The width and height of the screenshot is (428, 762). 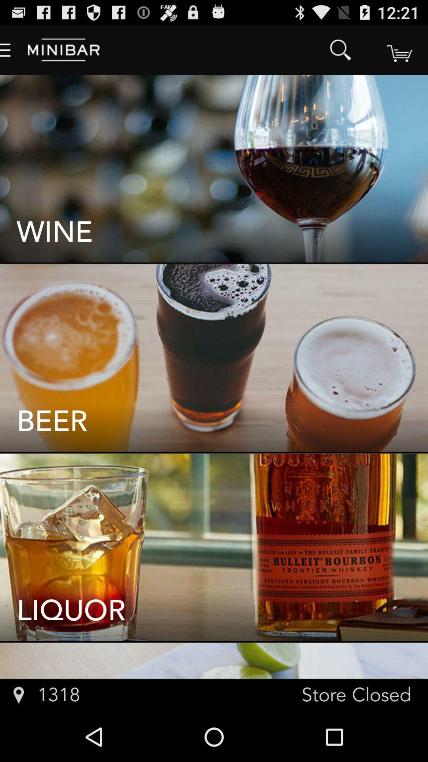 I want to click on share of article, so click(x=399, y=49).